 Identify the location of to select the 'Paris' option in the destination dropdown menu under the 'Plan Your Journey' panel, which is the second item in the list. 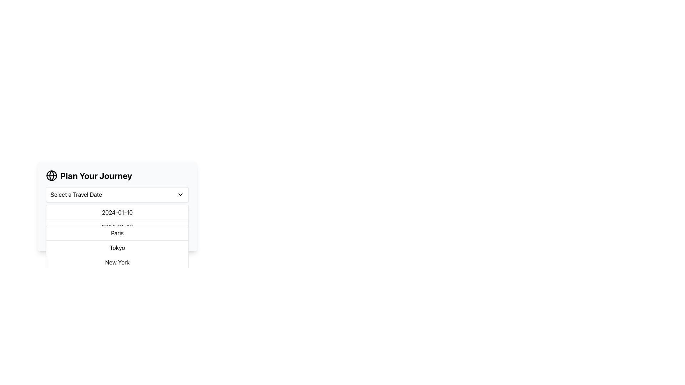
(117, 235).